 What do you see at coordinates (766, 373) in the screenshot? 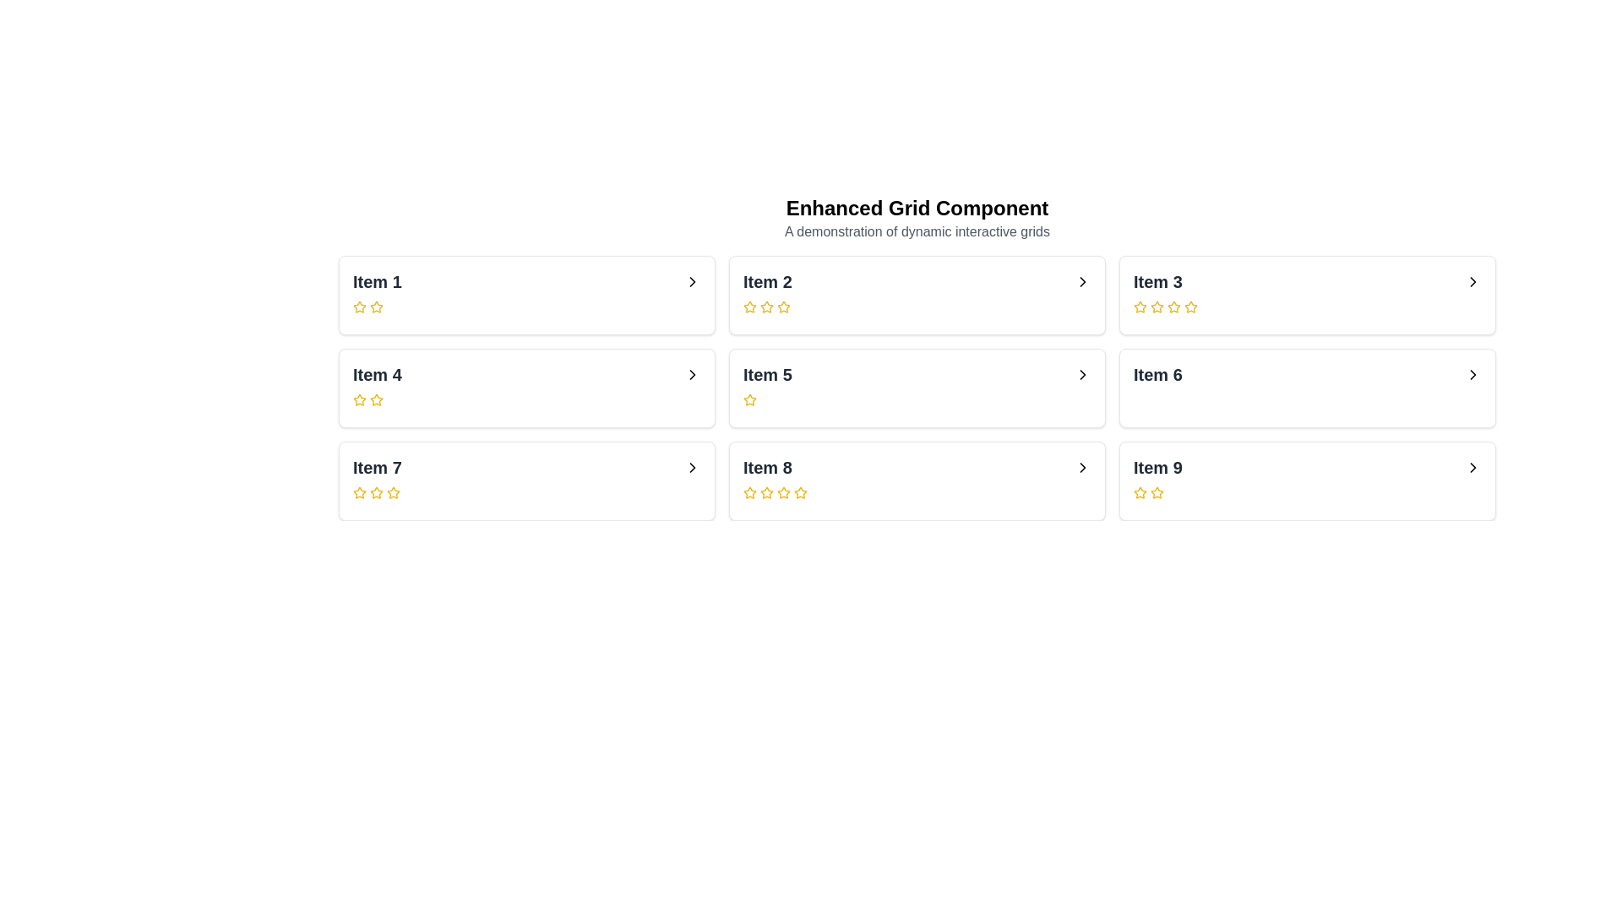
I see `the text label displaying 'Item 5', which is styled with a bold font and positioned in the second row and second column of a 3x3 grid layout` at bounding box center [766, 373].